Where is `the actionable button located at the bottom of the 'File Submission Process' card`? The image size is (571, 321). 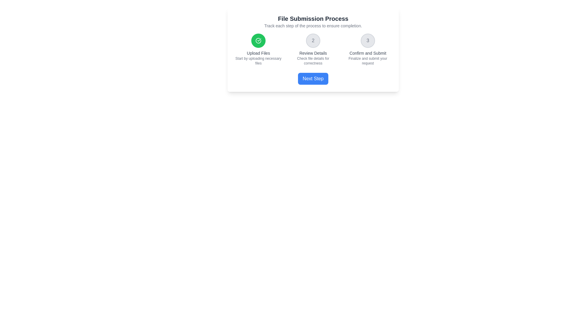
the actionable button located at the bottom of the 'File Submission Process' card is located at coordinates (313, 78).